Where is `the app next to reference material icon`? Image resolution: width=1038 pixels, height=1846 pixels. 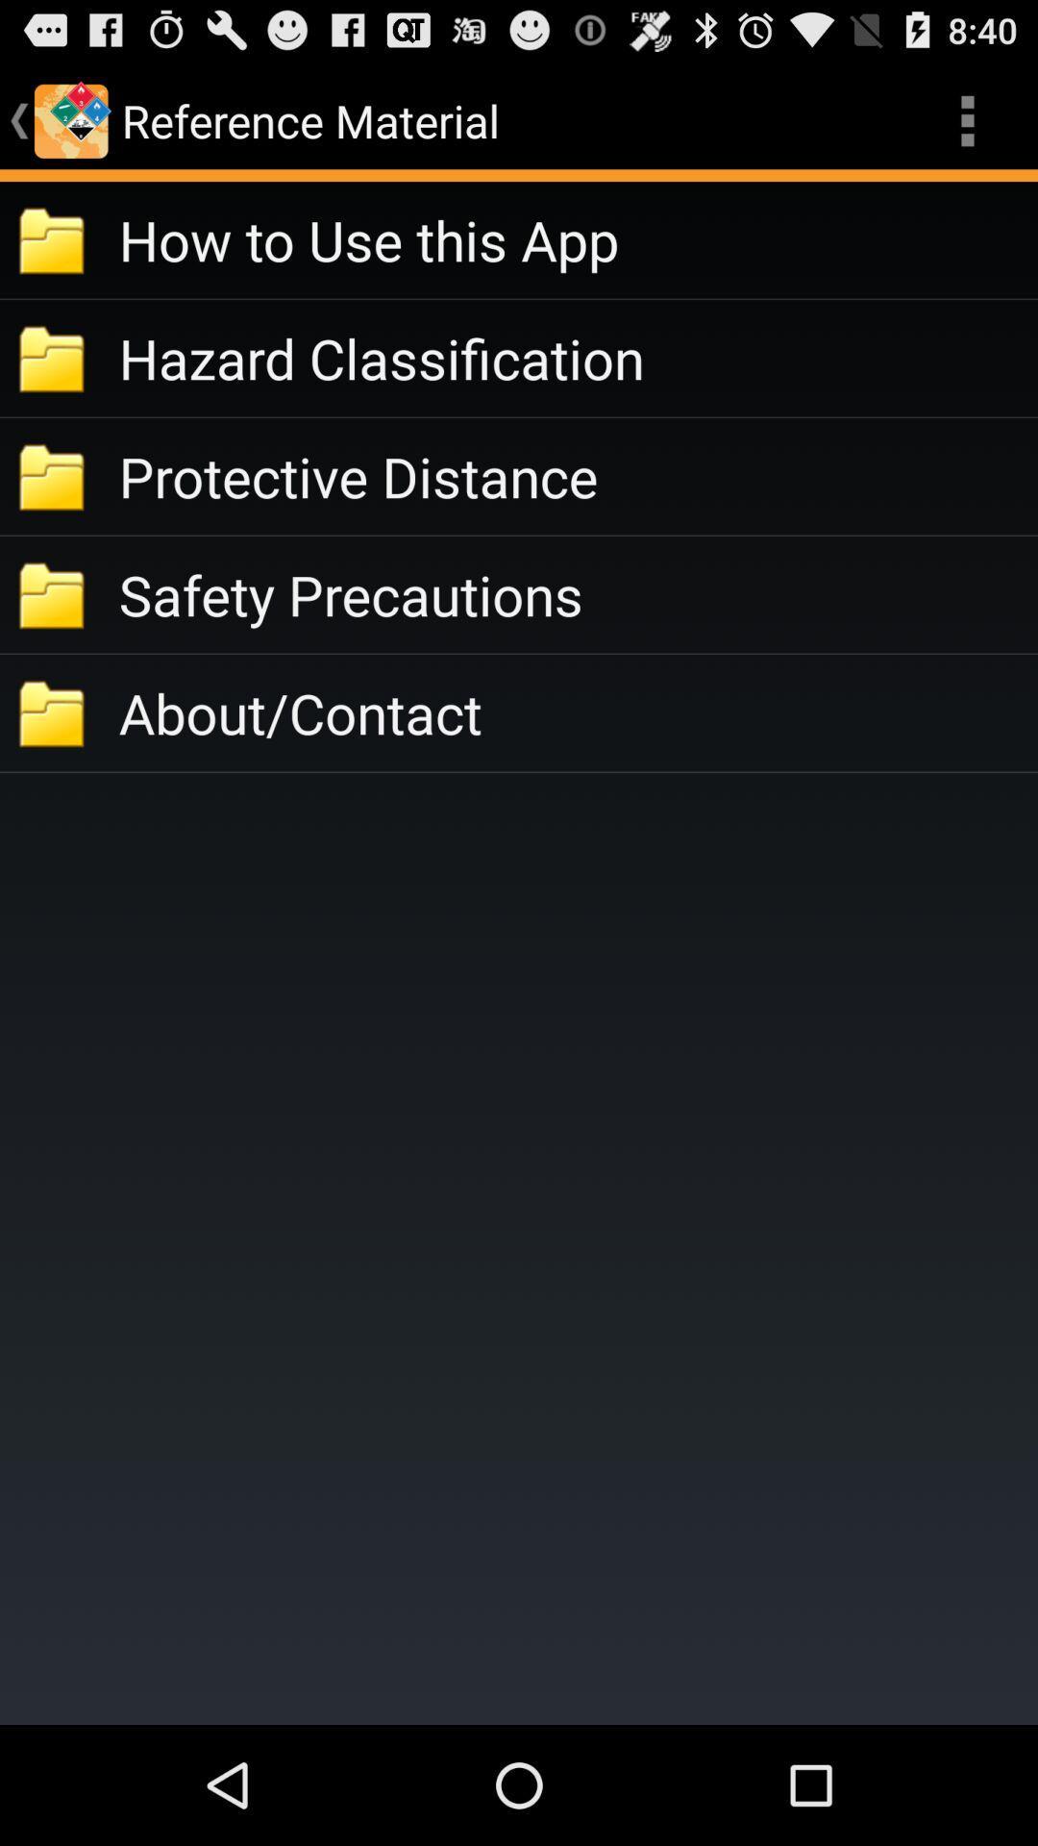 the app next to reference material icon is located at coordinates (967, 119).